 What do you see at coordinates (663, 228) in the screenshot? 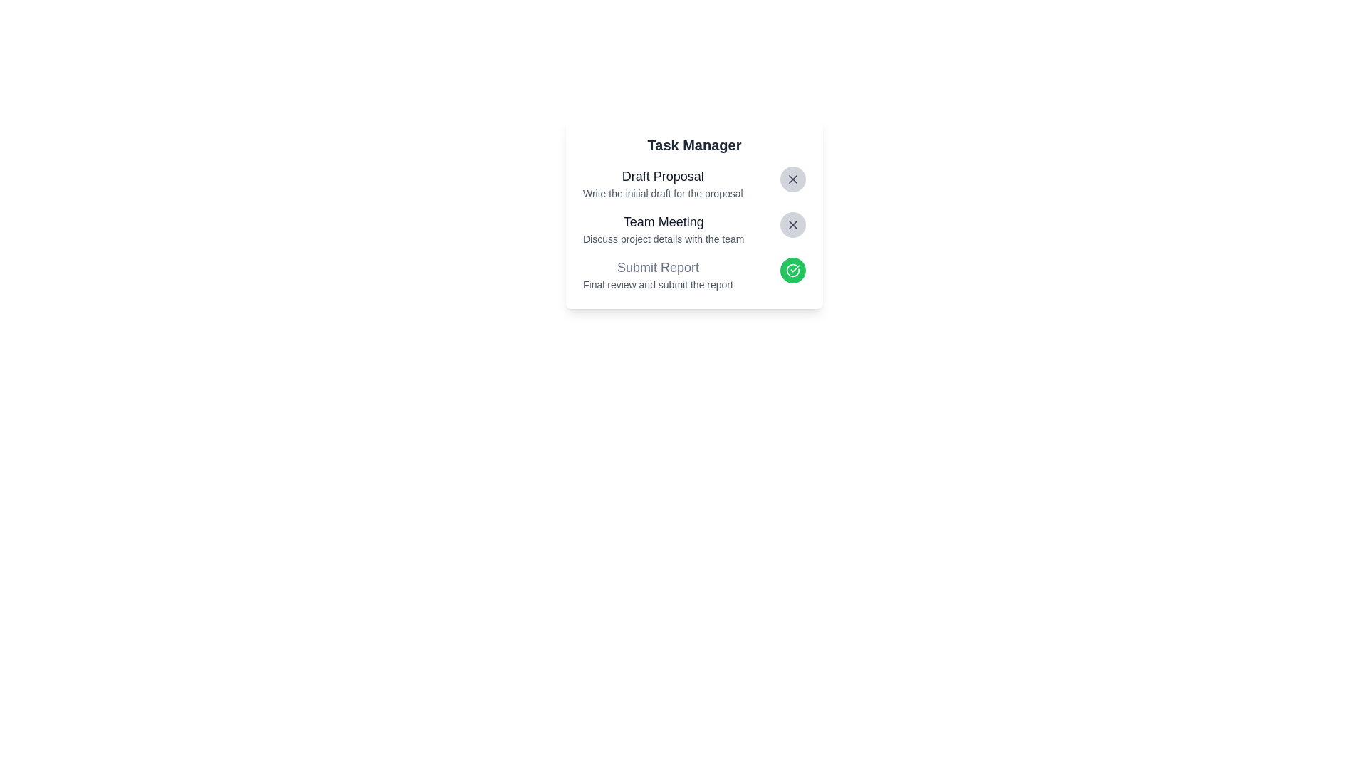
I see `the text label that displays 'Team Meeting' and 'Discuss project details with the team', which is located below 'Draft Proposal' and above 'Submit Report'` at bounding box center [663, 228].